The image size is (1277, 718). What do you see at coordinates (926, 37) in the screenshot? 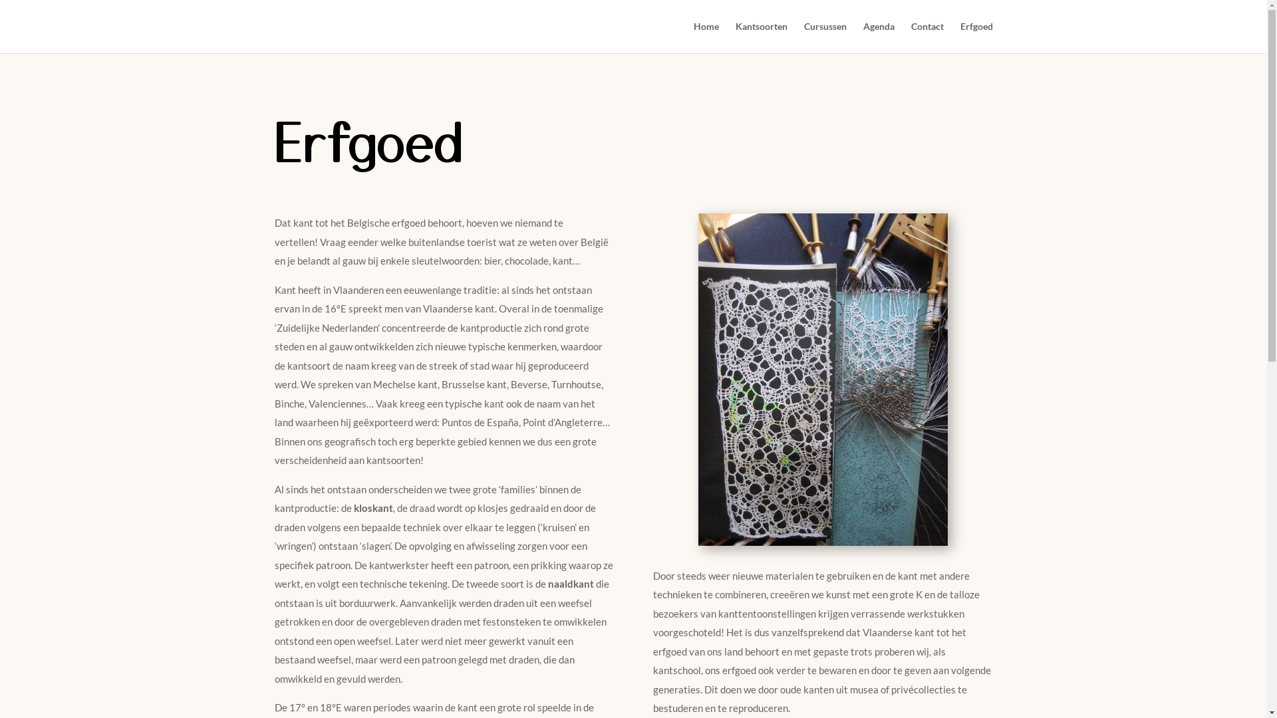
I see `'Contact'` at bounding box center [926, 37].